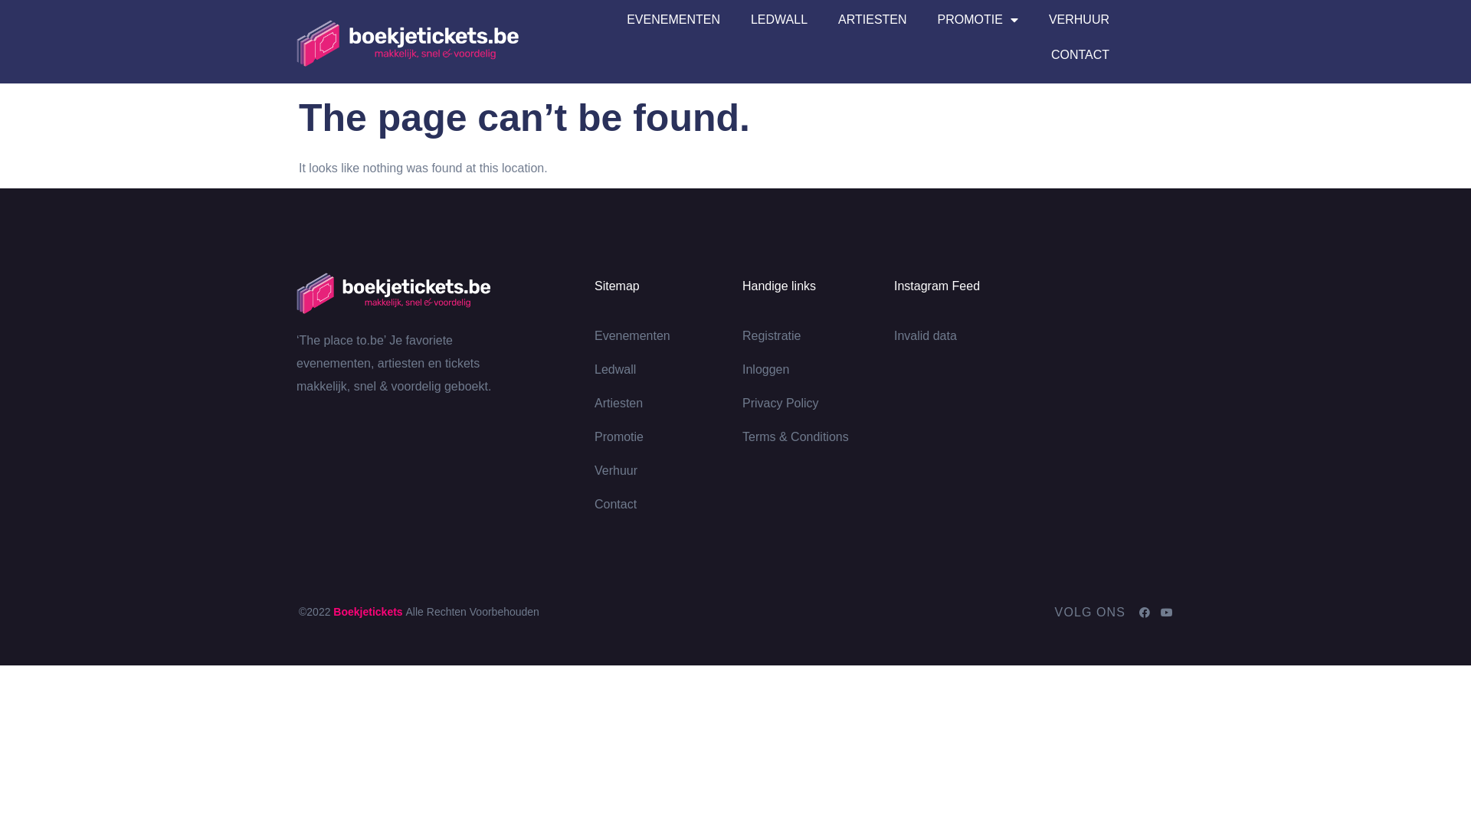 This screenshot has height=827, width=1471. What do you see at coordinates (822, 20) in the screenshot?
I see `'ARTIESTEN'` at bounding box center [822, 20].